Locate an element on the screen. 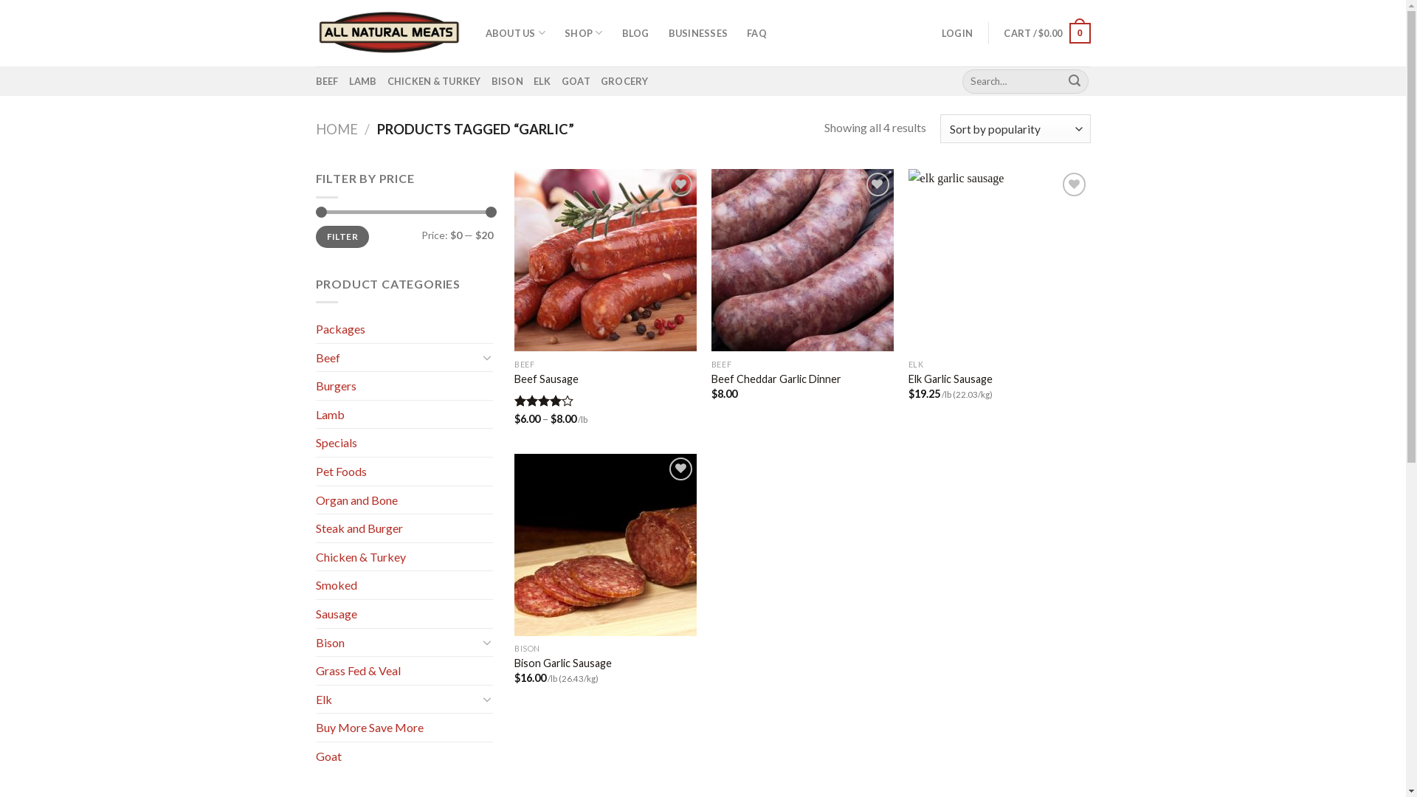  'Burgers' is located at coordinates (314, 385).